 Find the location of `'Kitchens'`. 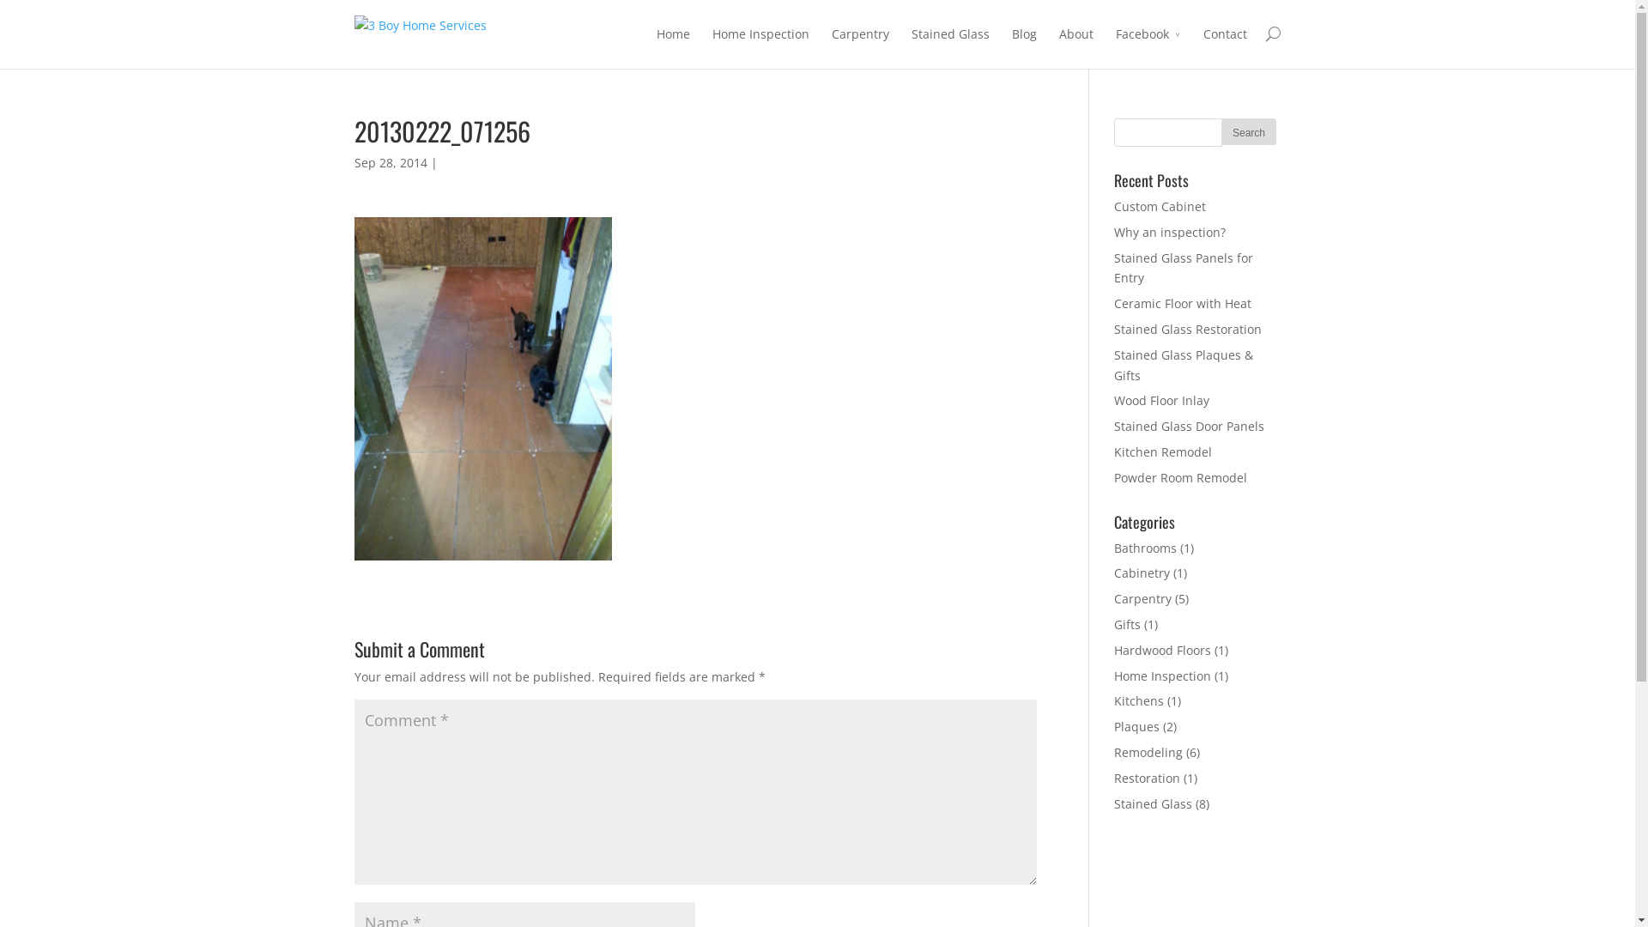

'Kitchens' is located at coordinates (1138, 700).